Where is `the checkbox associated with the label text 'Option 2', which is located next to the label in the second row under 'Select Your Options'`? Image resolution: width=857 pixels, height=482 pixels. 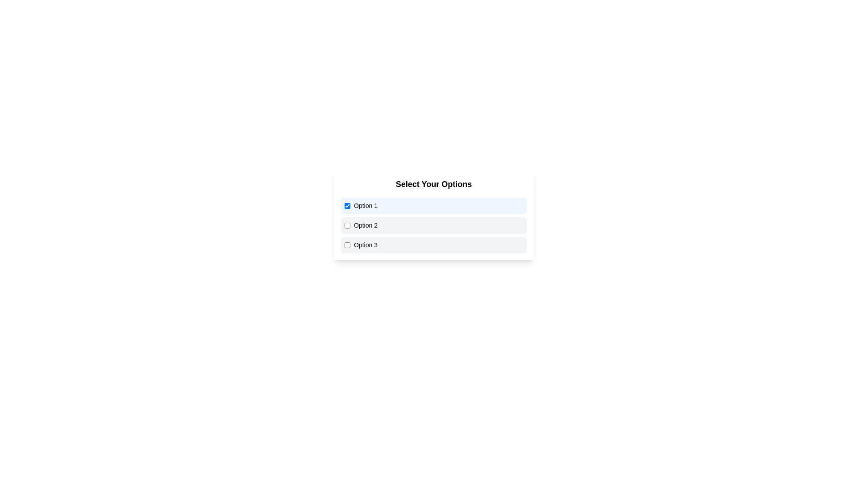
the checkbox associated with the label text 'Option 2', which is located next to the label in the second row under 'Select Your Options' is located at coordinates (366, 225).